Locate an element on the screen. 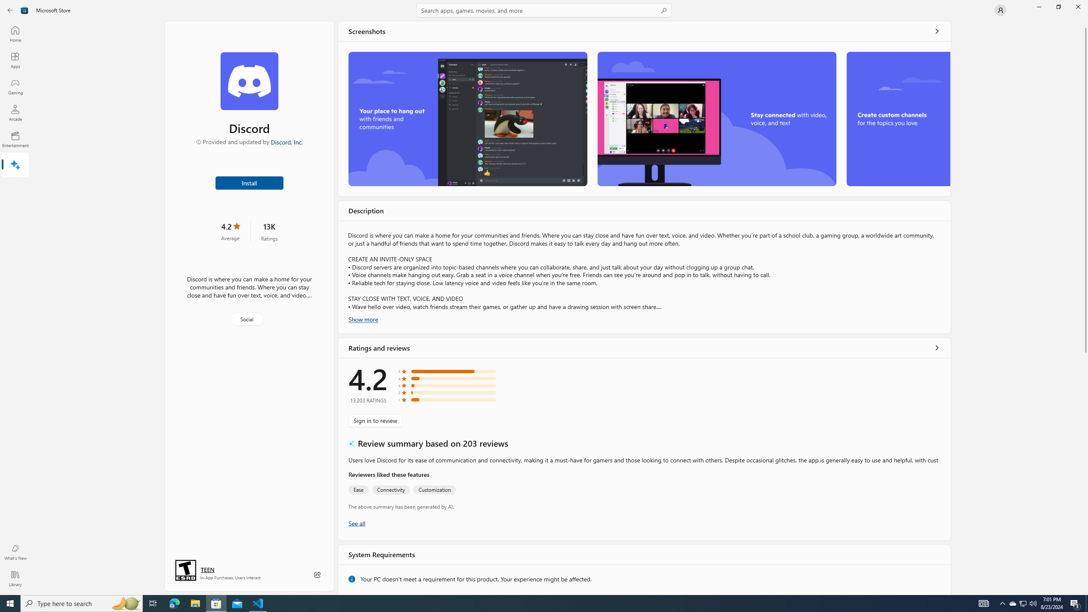 This screenshot has height=612, width=1088. 'Social' is located at coordinates (246, 319).